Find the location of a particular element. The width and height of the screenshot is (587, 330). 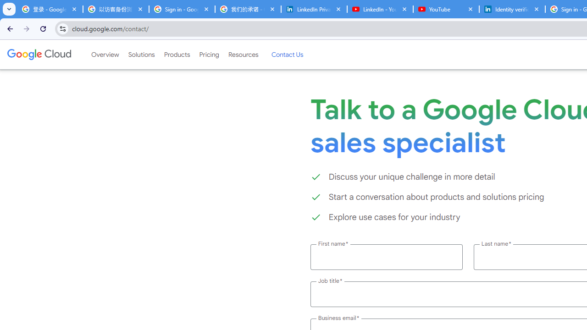

'Pricing' is located at coordinates (208, 55).